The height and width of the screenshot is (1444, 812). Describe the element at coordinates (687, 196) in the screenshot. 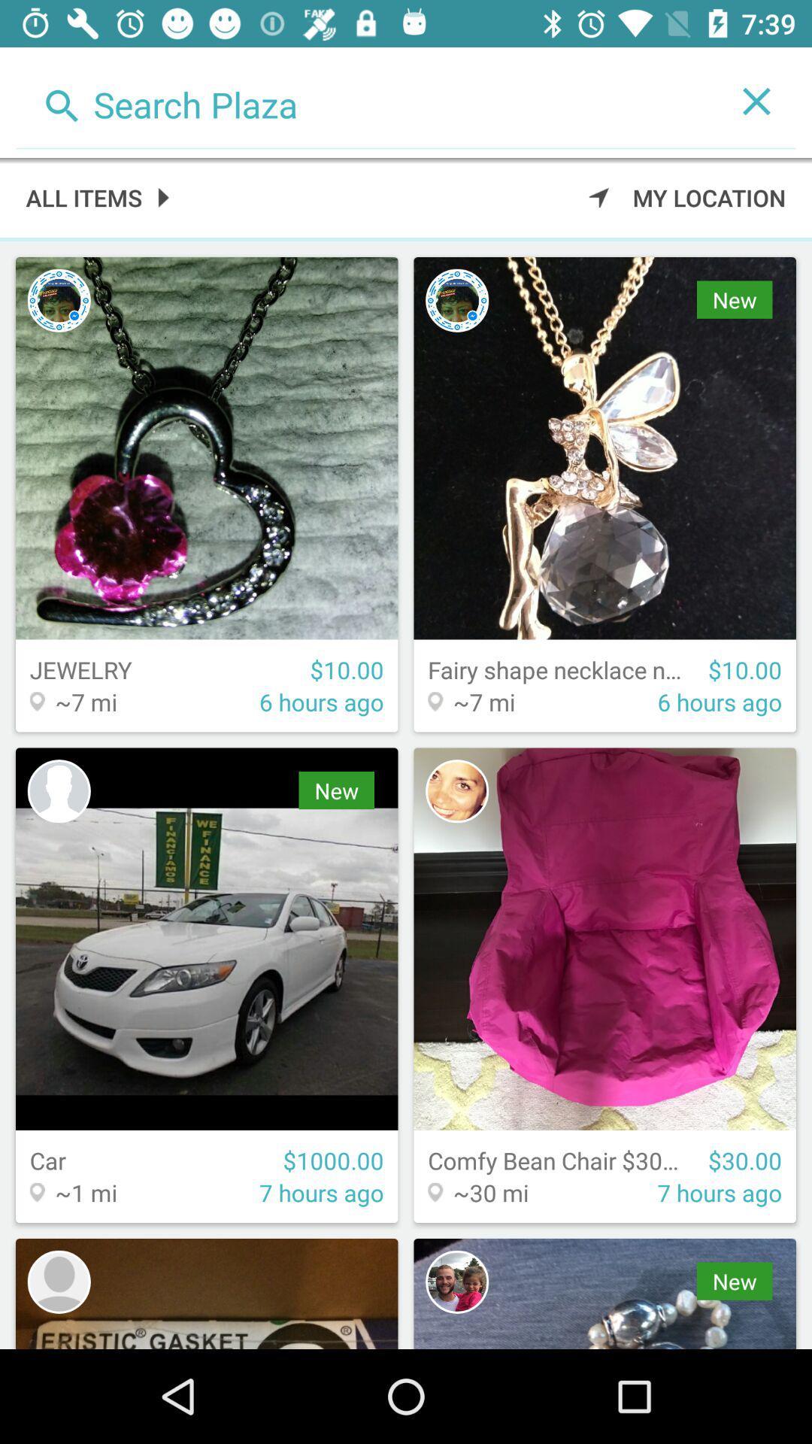

I see `the icon to the right of all items item` at that location.